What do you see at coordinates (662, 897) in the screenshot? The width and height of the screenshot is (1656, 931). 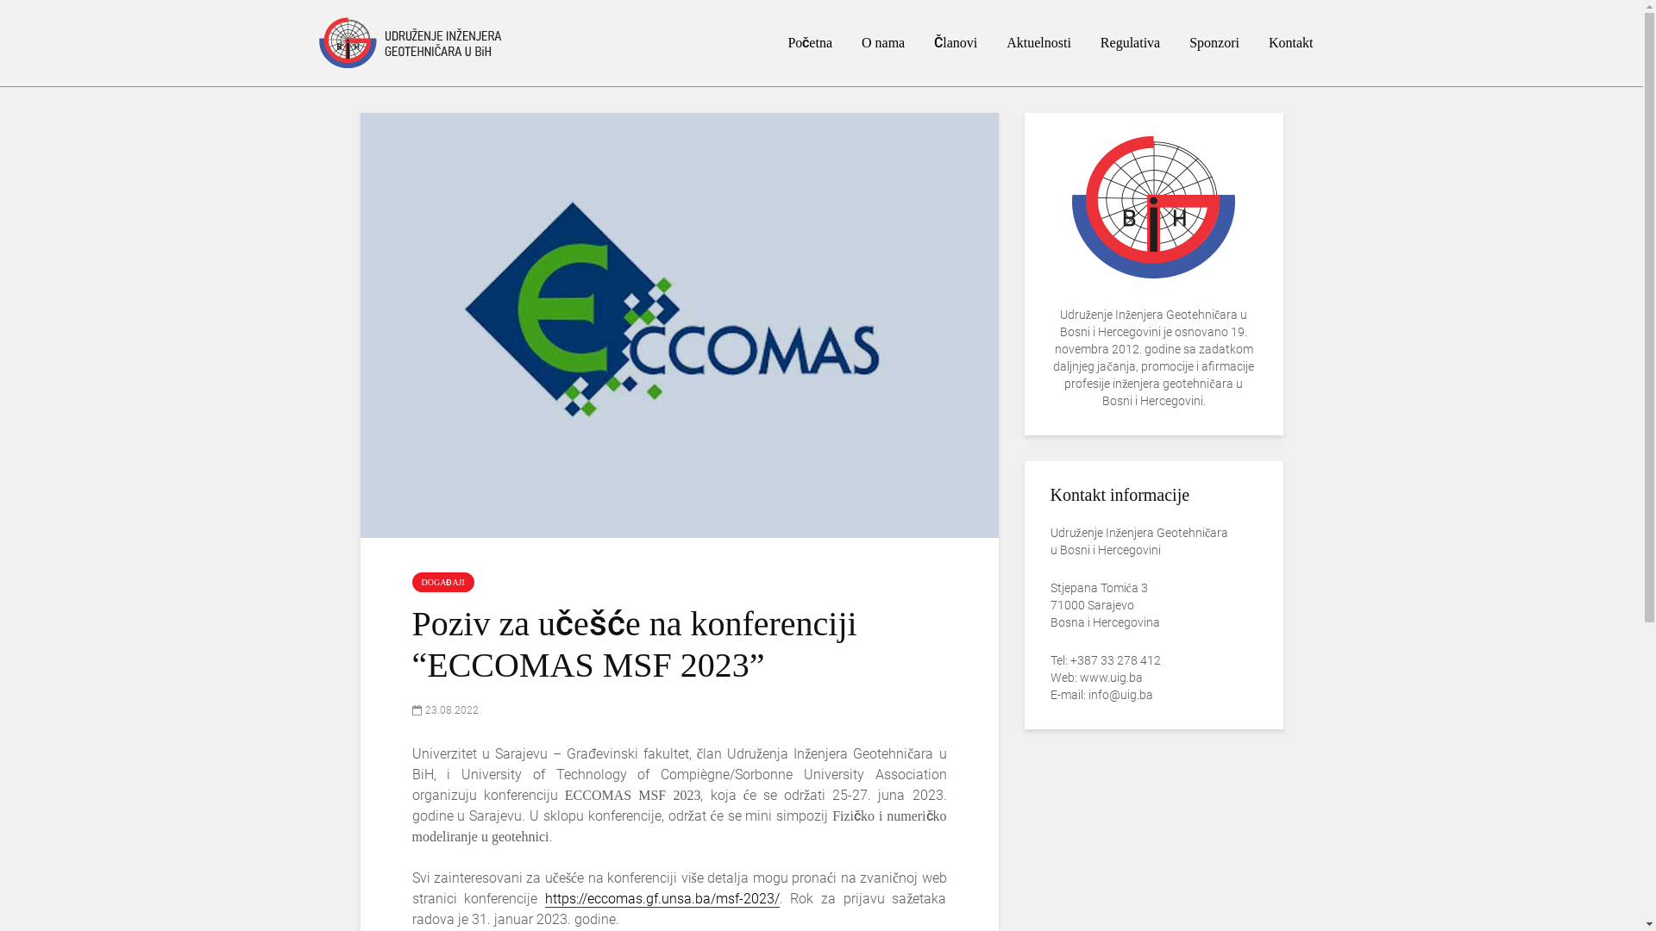 I see `'https://eccomas.gf.unsa.ba/msf-2023/'` at bounding box center [662, 897].